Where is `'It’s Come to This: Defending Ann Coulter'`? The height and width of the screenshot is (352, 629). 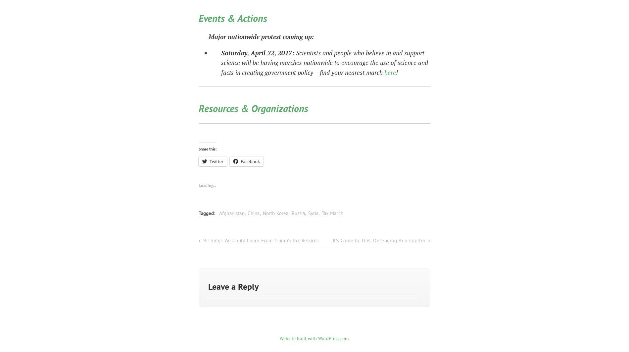
'It’s Come to This: Defending Ann Coulter' is located at coordinates (379, 238).